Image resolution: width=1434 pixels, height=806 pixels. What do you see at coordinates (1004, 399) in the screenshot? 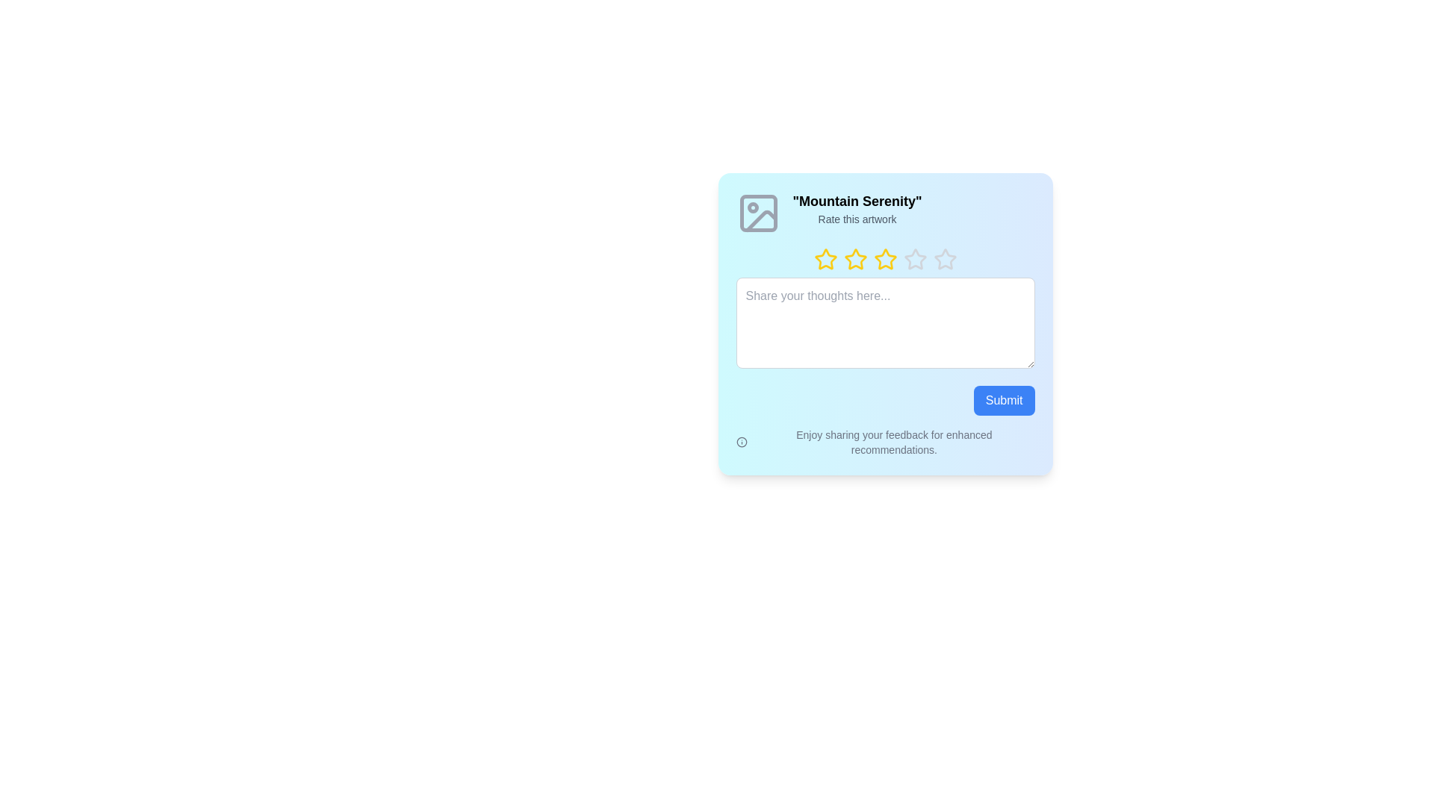
I see `the submit button to send feedback` at bounding box center [1004, 399].